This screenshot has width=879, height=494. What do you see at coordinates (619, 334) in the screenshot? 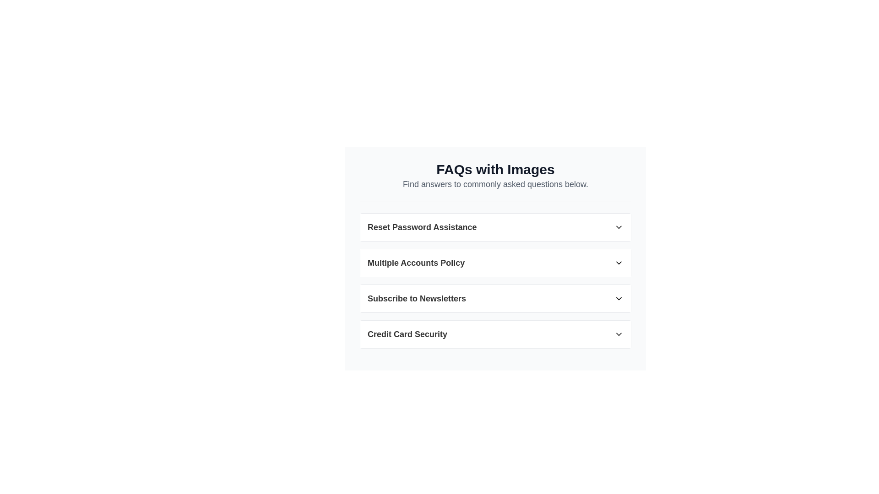
I see `the chevron icon located to the right of the 'Credit Card Security' text in the fourth section of the FAQ list` at bounding box center [619, 334].